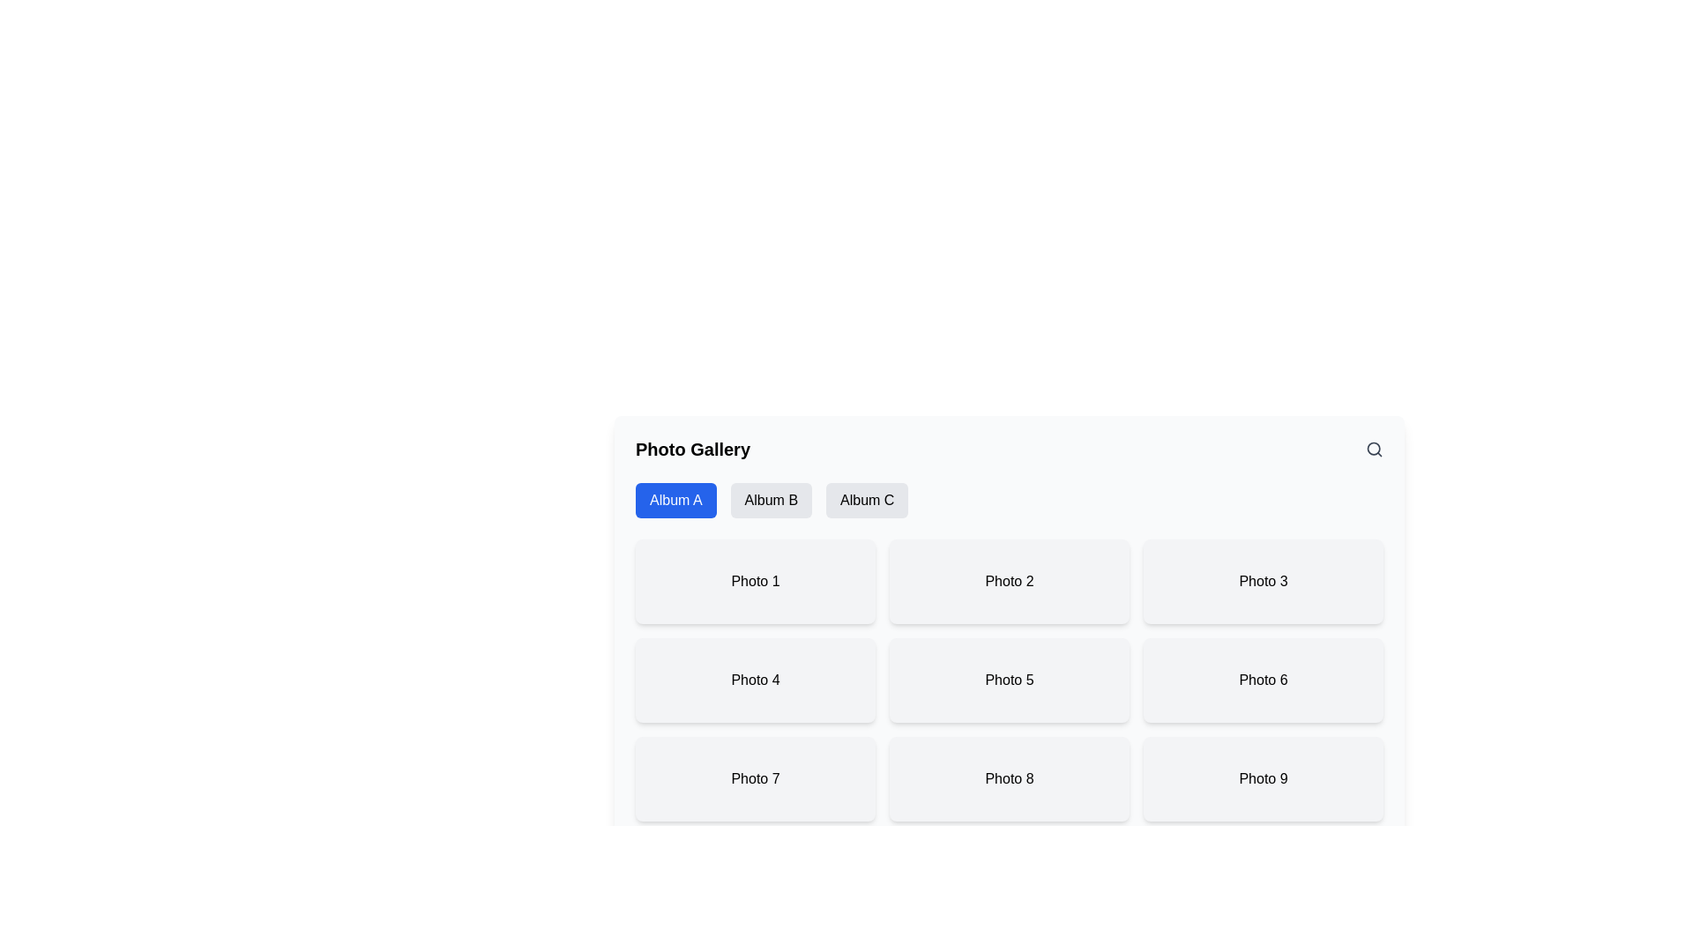 This screenshot has width=1693, height=952. I want to click on the 'Album C' button, which is a rectangular button with rounded corners, located under the 'Photo Gallery' heading and to the right of the 'Album A' button, so click(867, 500).